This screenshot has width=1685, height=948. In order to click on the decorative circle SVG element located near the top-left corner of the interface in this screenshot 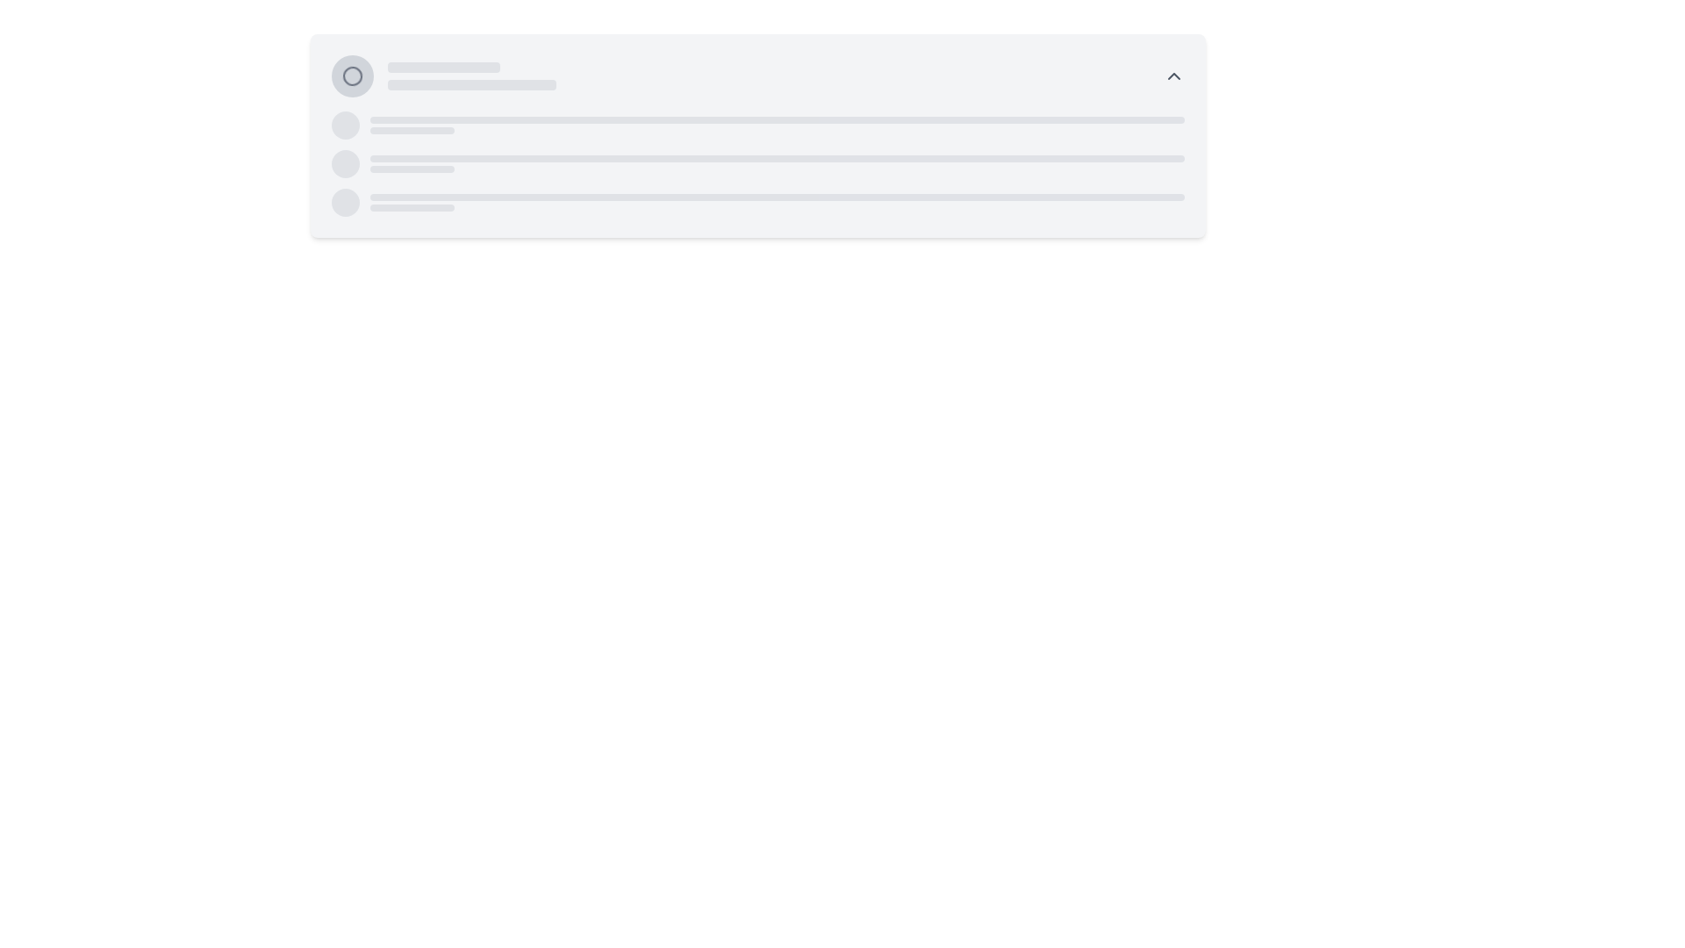, I will do `click(352, 75)`.